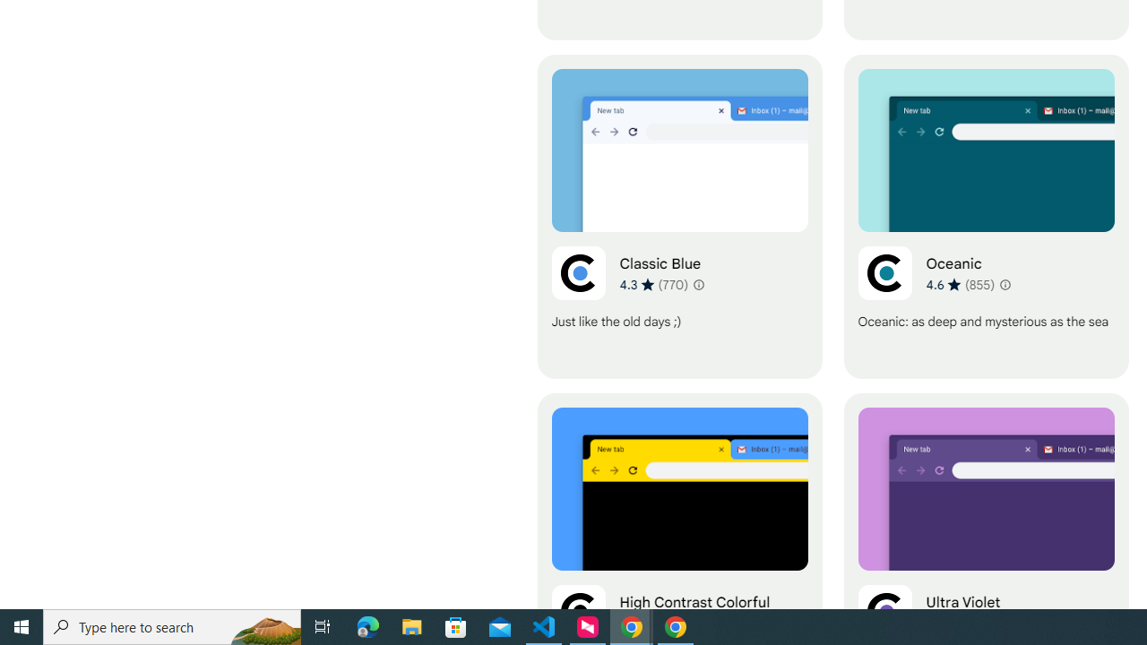 The image size is (1147, 645). I want to click on 'Learn more about results and reviews "Classic Blue"', so click(696, 283).